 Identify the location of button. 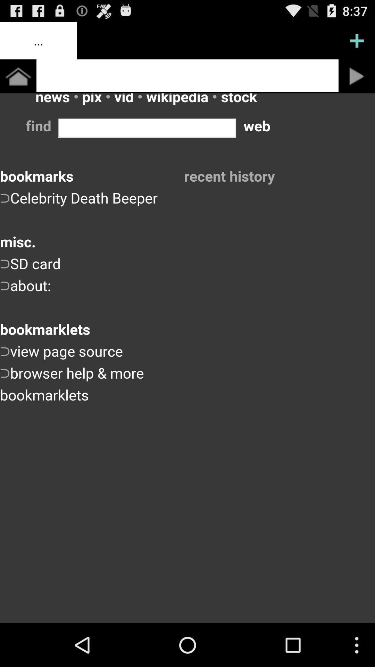
(357, 76).